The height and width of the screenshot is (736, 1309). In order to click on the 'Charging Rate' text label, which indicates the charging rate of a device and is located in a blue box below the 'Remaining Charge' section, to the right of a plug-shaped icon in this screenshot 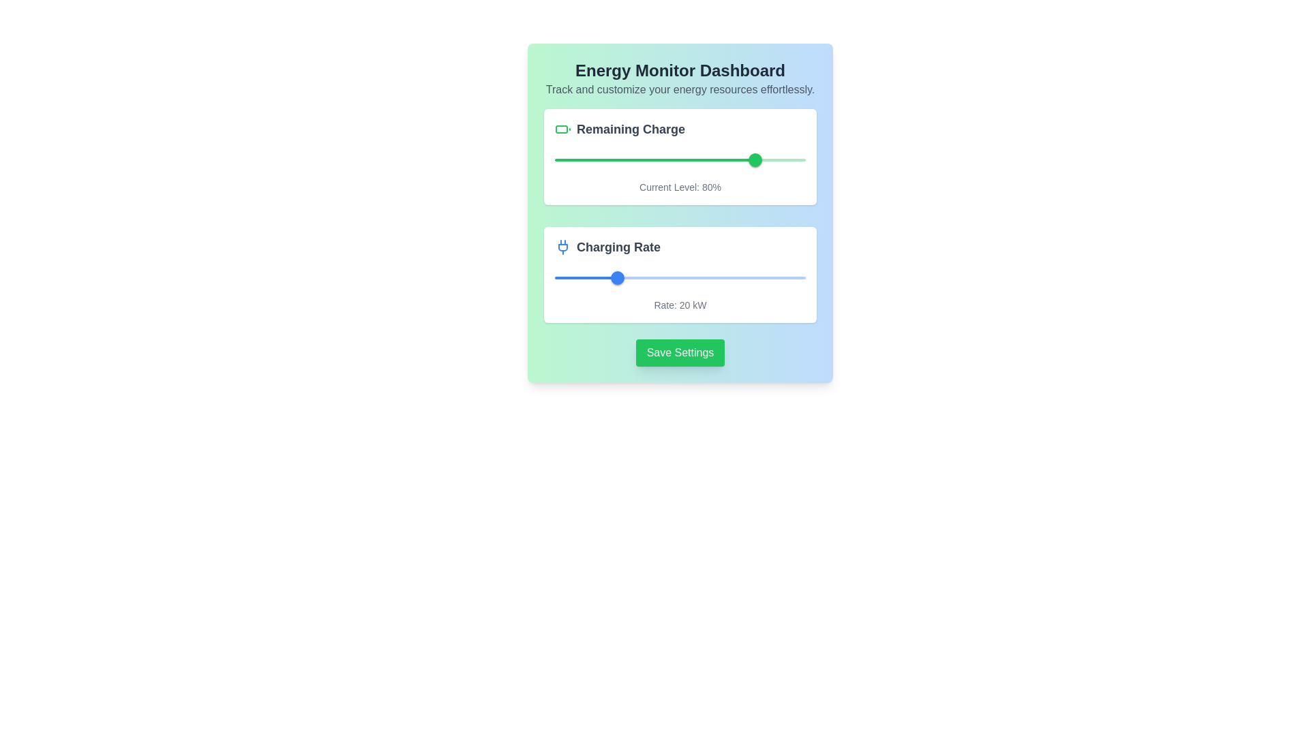, I will do `click(618, 247)`.